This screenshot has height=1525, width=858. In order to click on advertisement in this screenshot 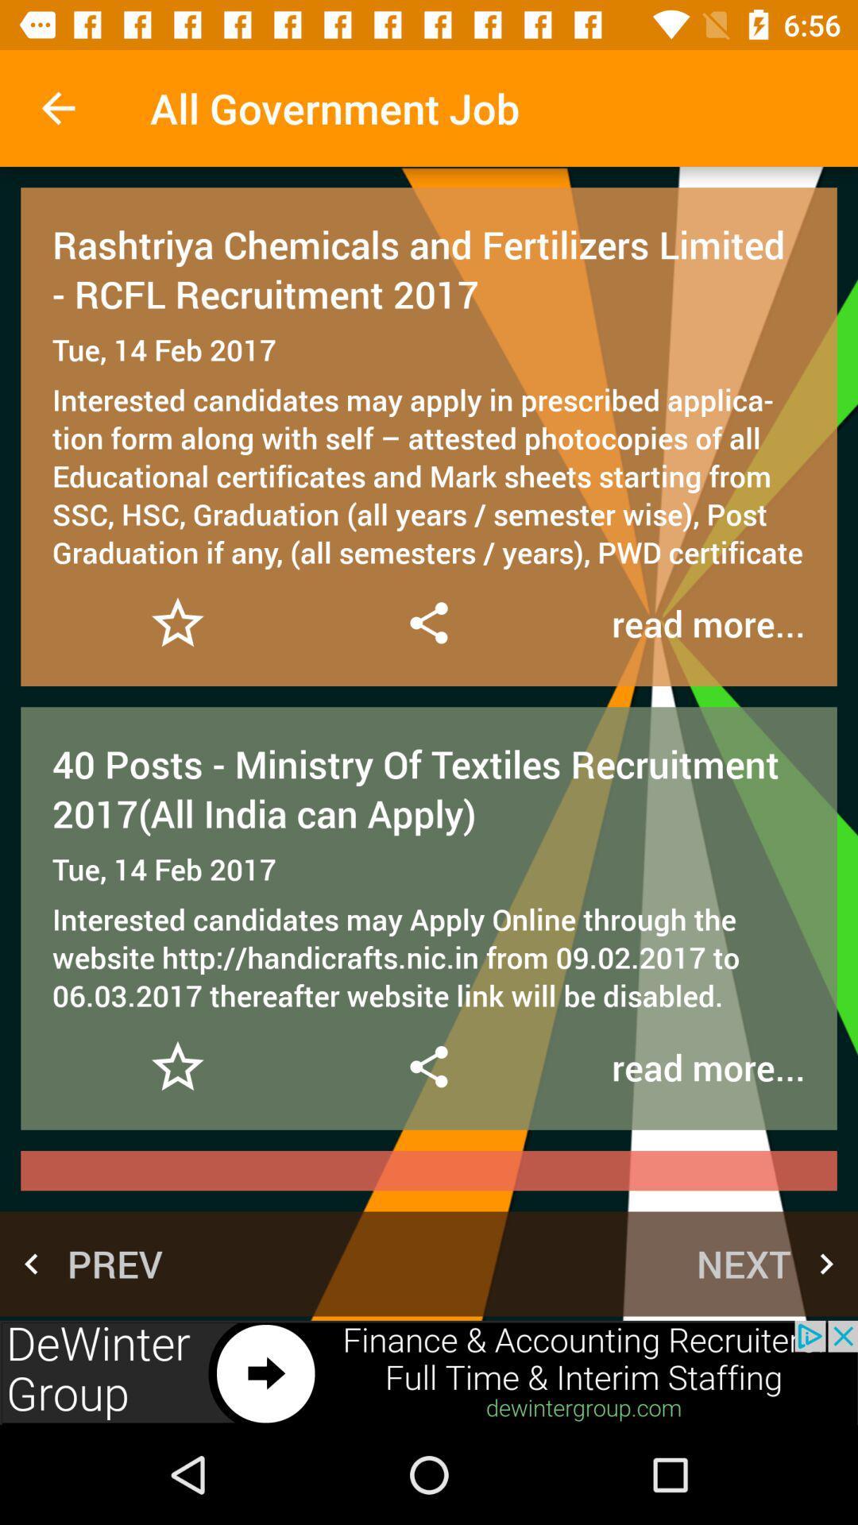, I will do `click(429, 1372)`.